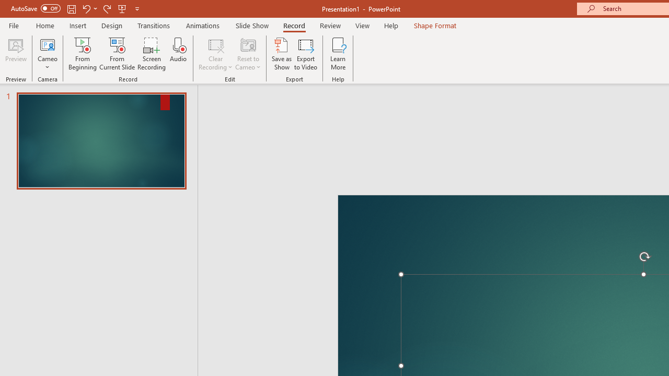 This screenshot has height=376, width=669. Describe the element at coordinates (247, 54) in the screenshot. I see `'Reset to Cameo'` at that location.